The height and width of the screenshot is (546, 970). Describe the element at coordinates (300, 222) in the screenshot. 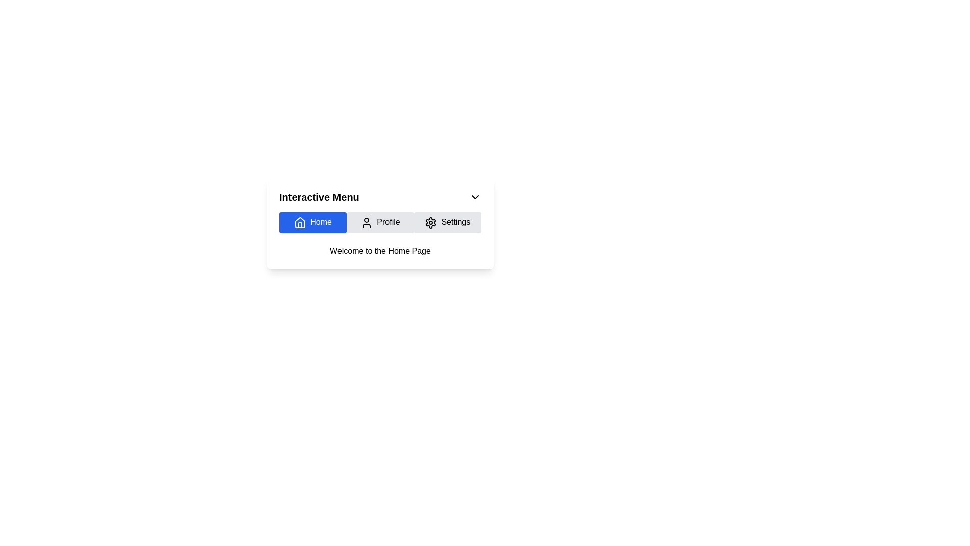

I see `the home icon in the navigation menu, which is located to the left of the 'Home' text in the first button` at that location.